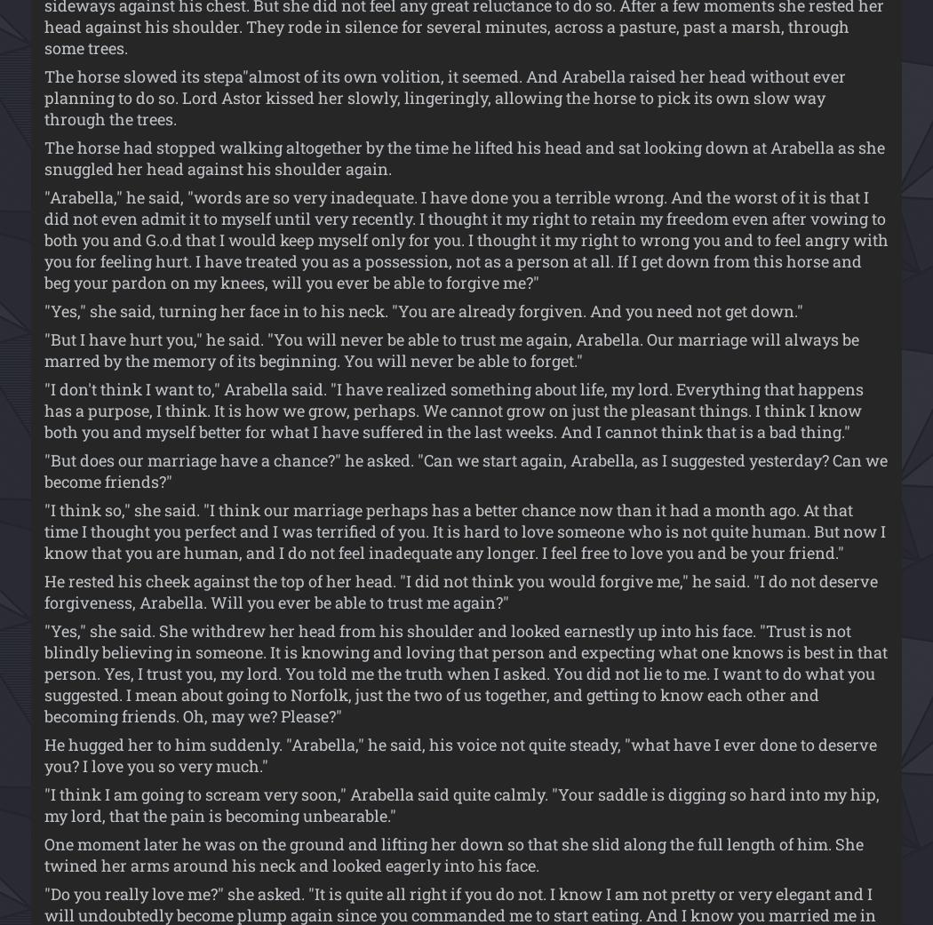  Describe the element at coordinates (453, 408) in the screenshot. I see `'"I don't think I want to," Arabella said. "I have realized something about life, my lord. Everything that happens has a purpose, I think. It is how we grow, perhaps. We cannot grow on just the pleasant things. I think I know both you and myself better for what I have suffered in the last weeks. And I cannot think that is a bad thing."'` at that location.